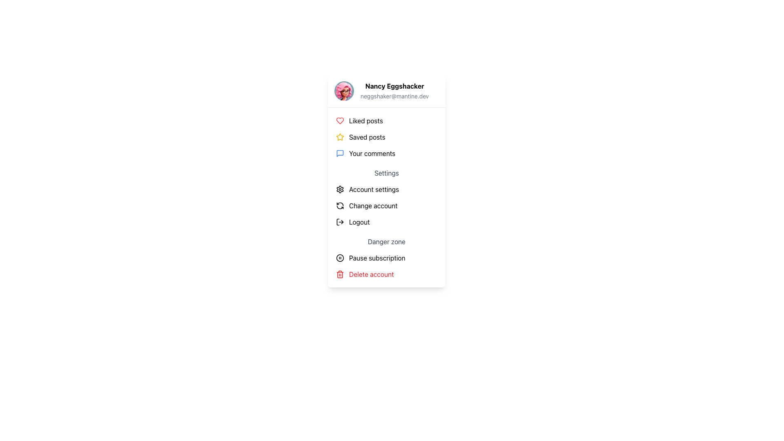 This screenshot has height=441, width=784. Describe the element at coordinates (340, 136) in the screenshot. I see `the decorative star icon located in the second row of icons in the vertical menu list, directly to the left of the text 'Saved posts'` at that location.